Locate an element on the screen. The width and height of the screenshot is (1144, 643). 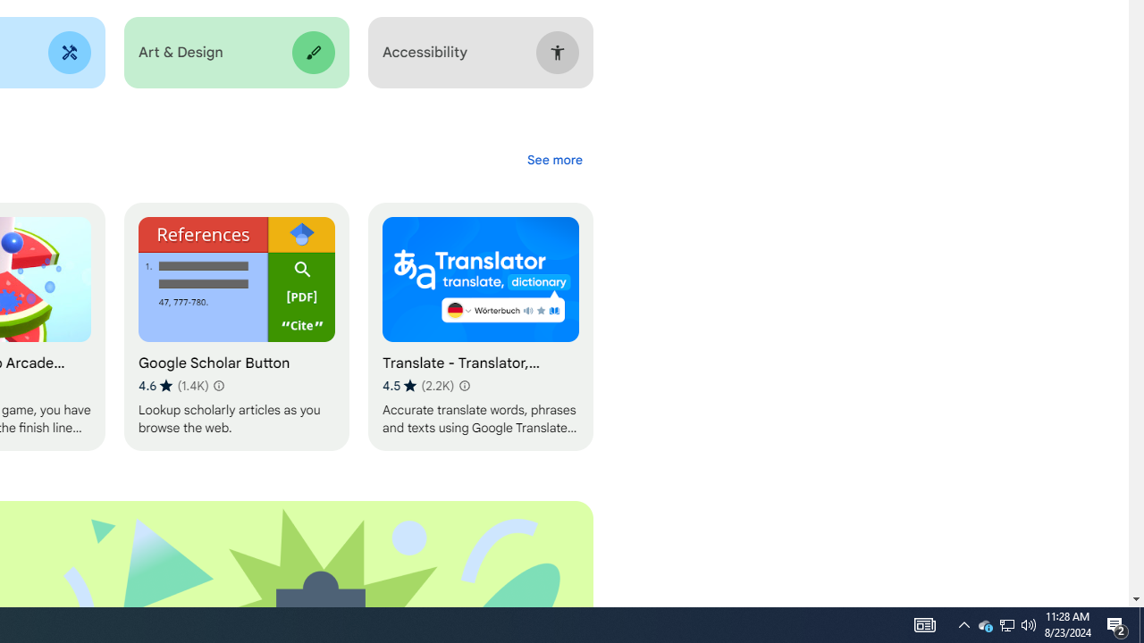
'Average rating 4.5 out of 5 stars. 2.2K ratings.' is located at coordinates (416, 385).